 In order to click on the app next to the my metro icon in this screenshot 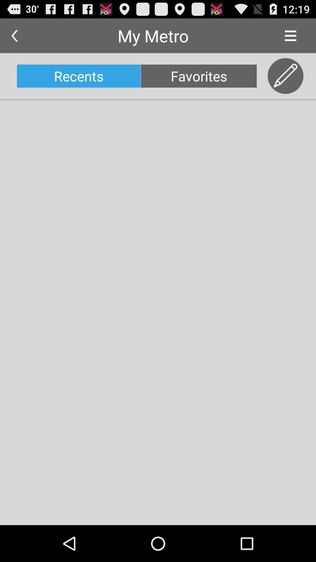, I will do `click(14, 35)`.